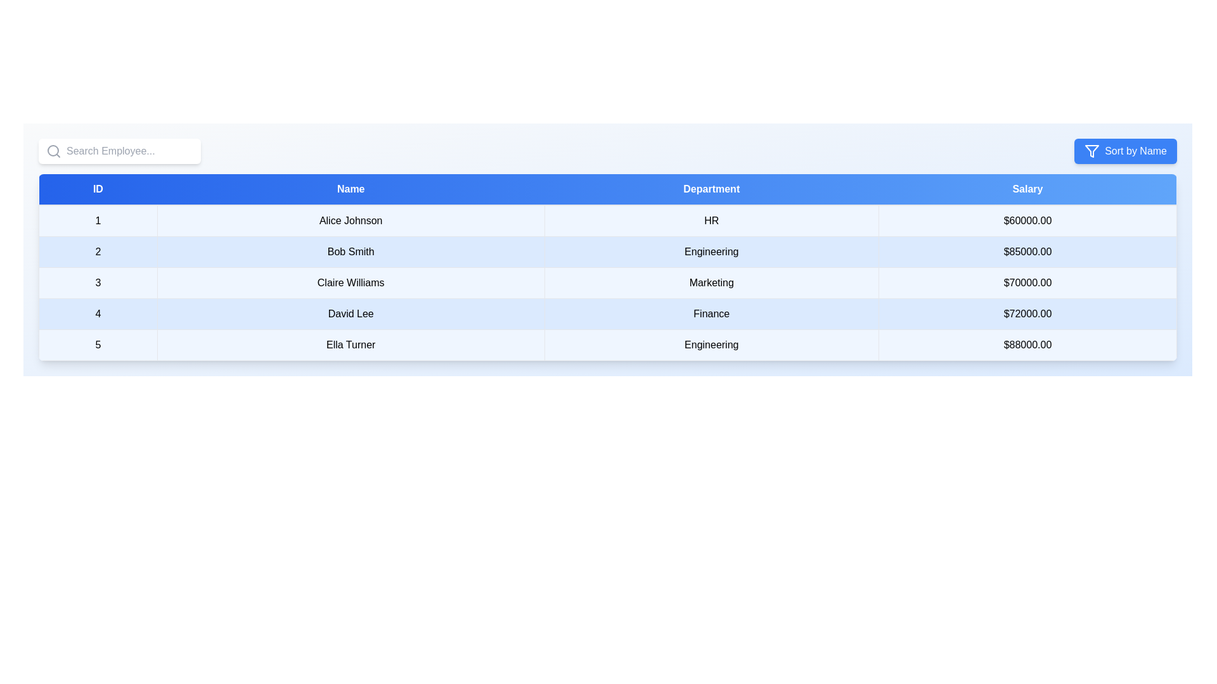  I want to click on the table header cell labeled 'Name' which has a bold white font on a blue background, located between 'ID' and 'Department', so click(351, 189).